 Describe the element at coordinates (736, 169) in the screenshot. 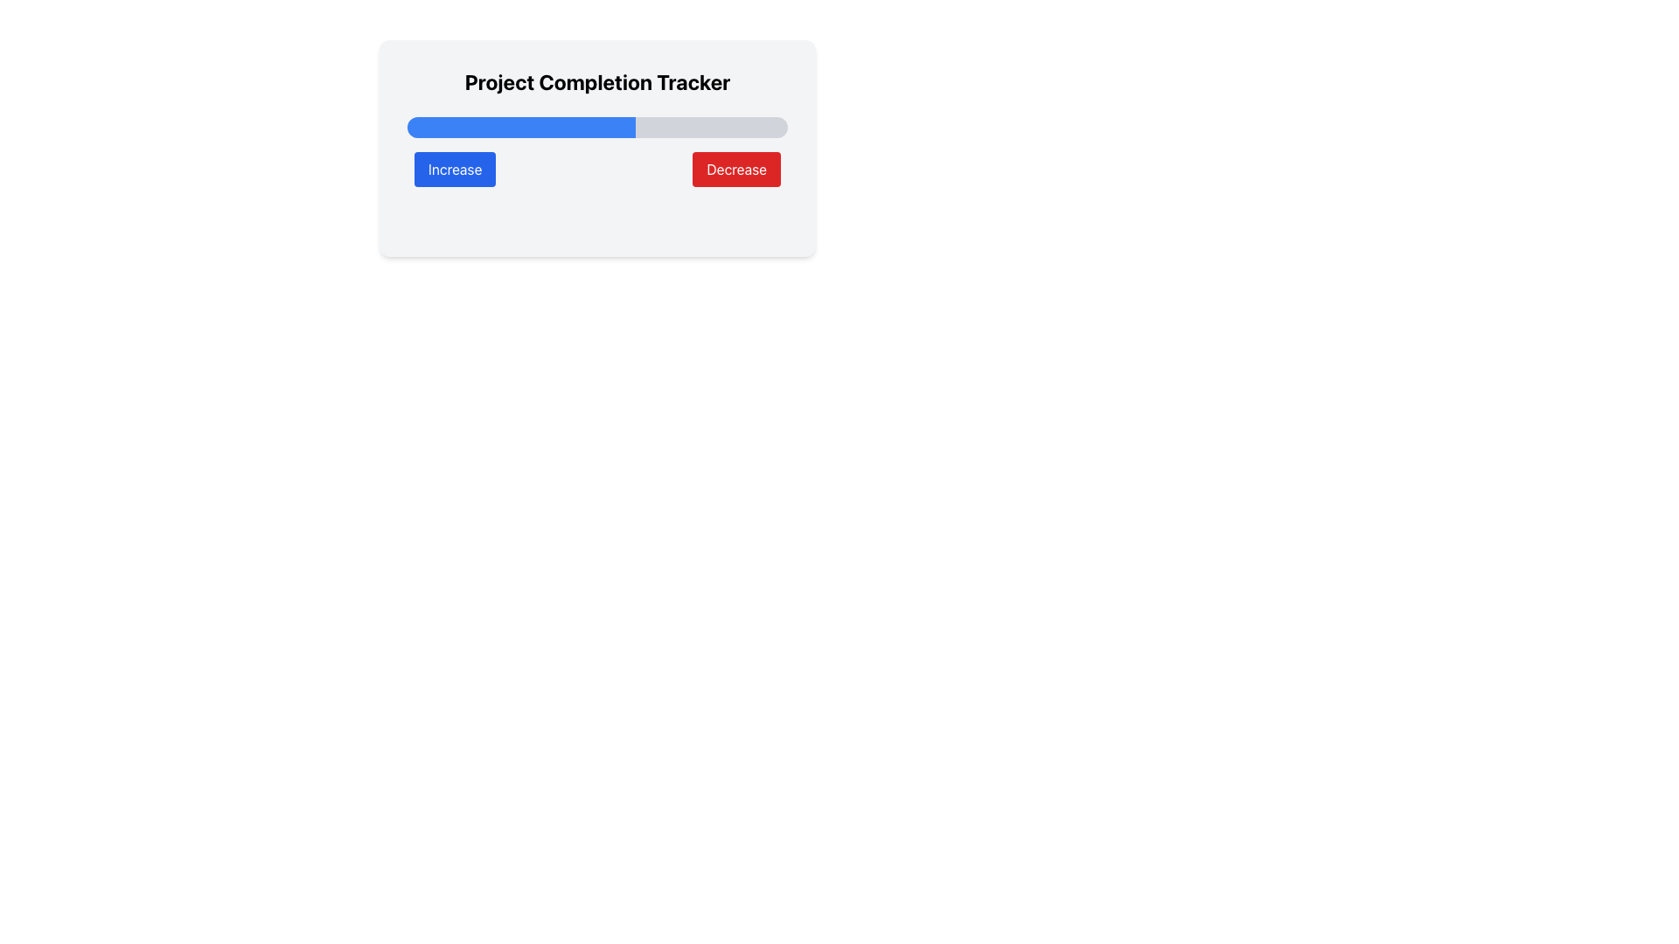

I see `the button that decreases the value, located to the right of the 'Increase' button in the interface, to change its appearance` at that location.